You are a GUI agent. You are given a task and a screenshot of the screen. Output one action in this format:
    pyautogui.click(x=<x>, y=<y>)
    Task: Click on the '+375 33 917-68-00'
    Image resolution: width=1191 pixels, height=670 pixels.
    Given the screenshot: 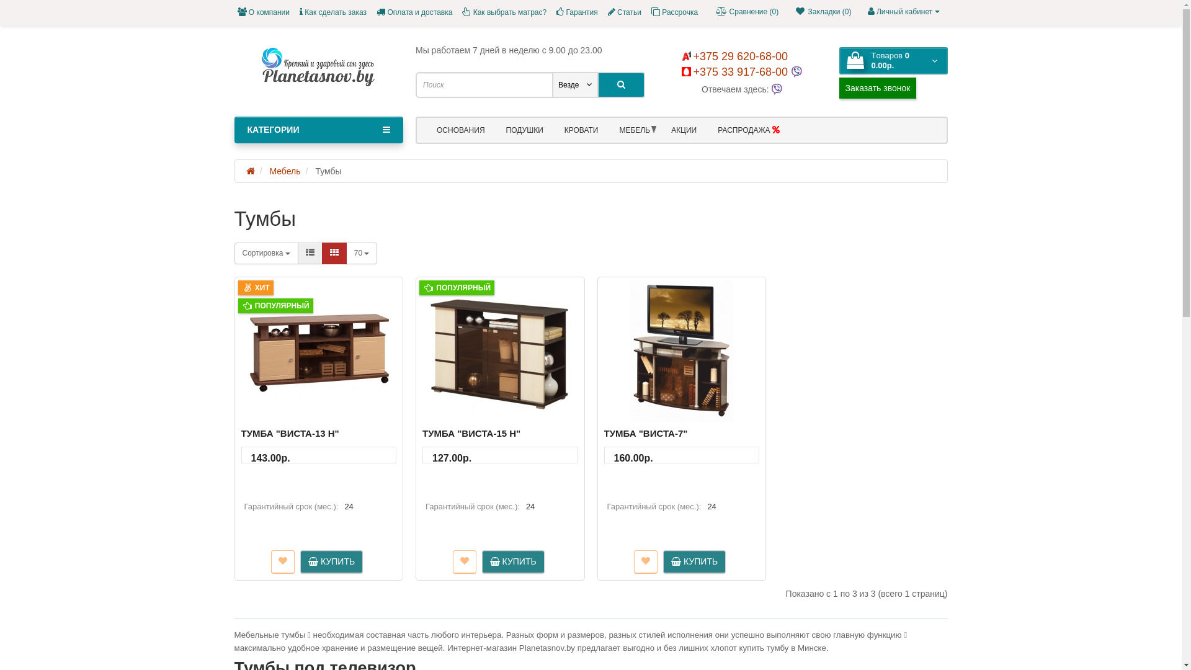 What is the action you would take?
    pyautogui.click(x=681, y=71)
    